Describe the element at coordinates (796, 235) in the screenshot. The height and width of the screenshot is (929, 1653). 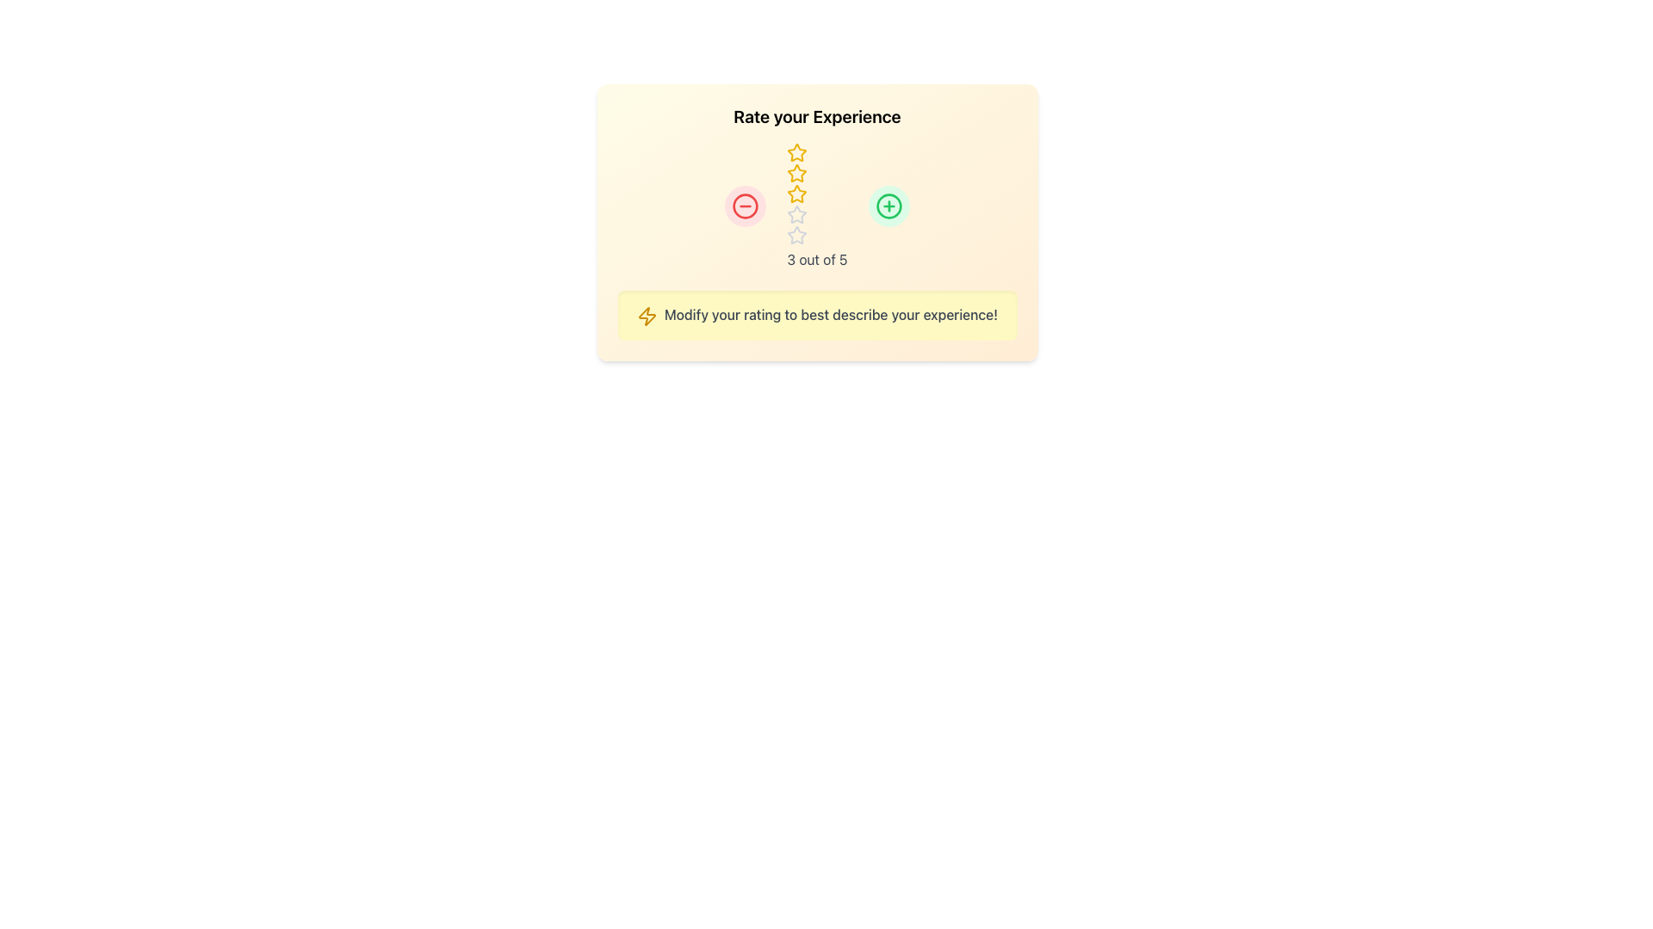
I see `the fifth star-shaped outline icon in the rating system, which is part of the 'Rate your Experience' section` at that location.